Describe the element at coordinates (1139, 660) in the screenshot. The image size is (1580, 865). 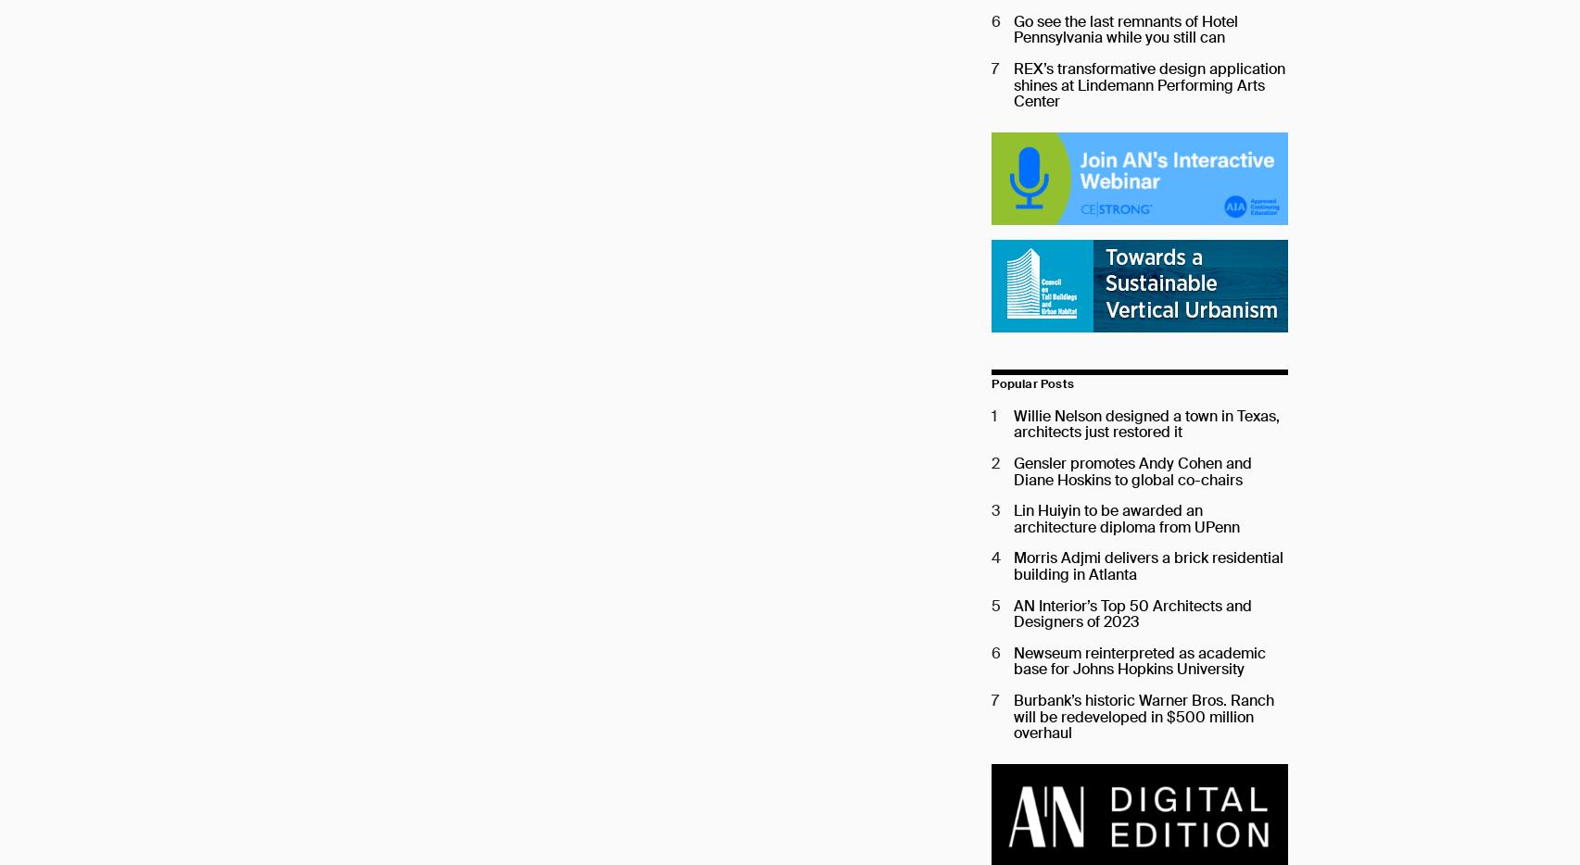
I see `'Newseum reinterpreted as academic base for Johns Hopkins University'` at that location.